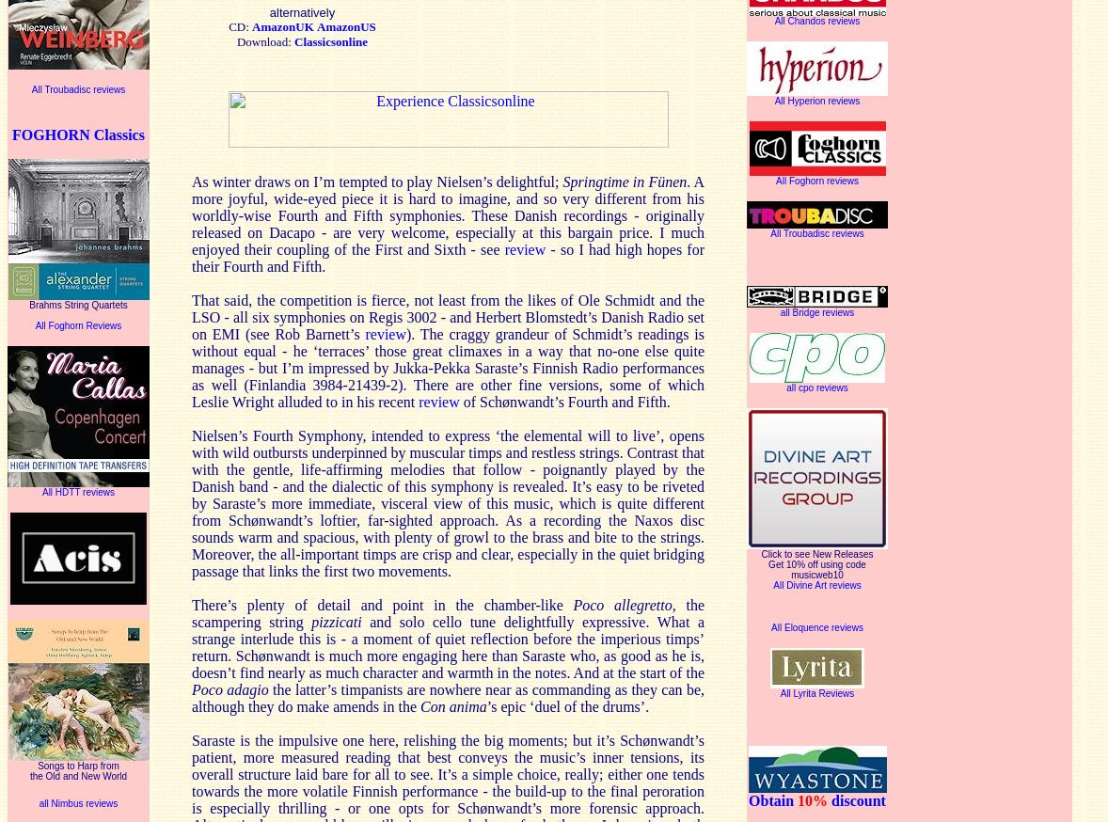 Image resolution: width=1108 pixels, height=822 pixels. Describe the element at coordinates (330, 40) in the screenshot. I see `'Classicsonline'` at that location.